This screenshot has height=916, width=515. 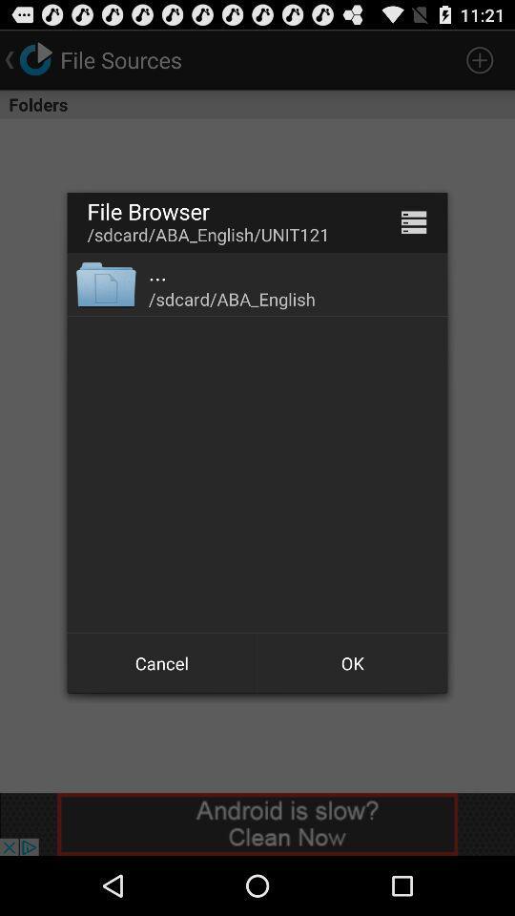 I want to click on the icon above the /sdcard/aba_english, so click(x=156, y=271).